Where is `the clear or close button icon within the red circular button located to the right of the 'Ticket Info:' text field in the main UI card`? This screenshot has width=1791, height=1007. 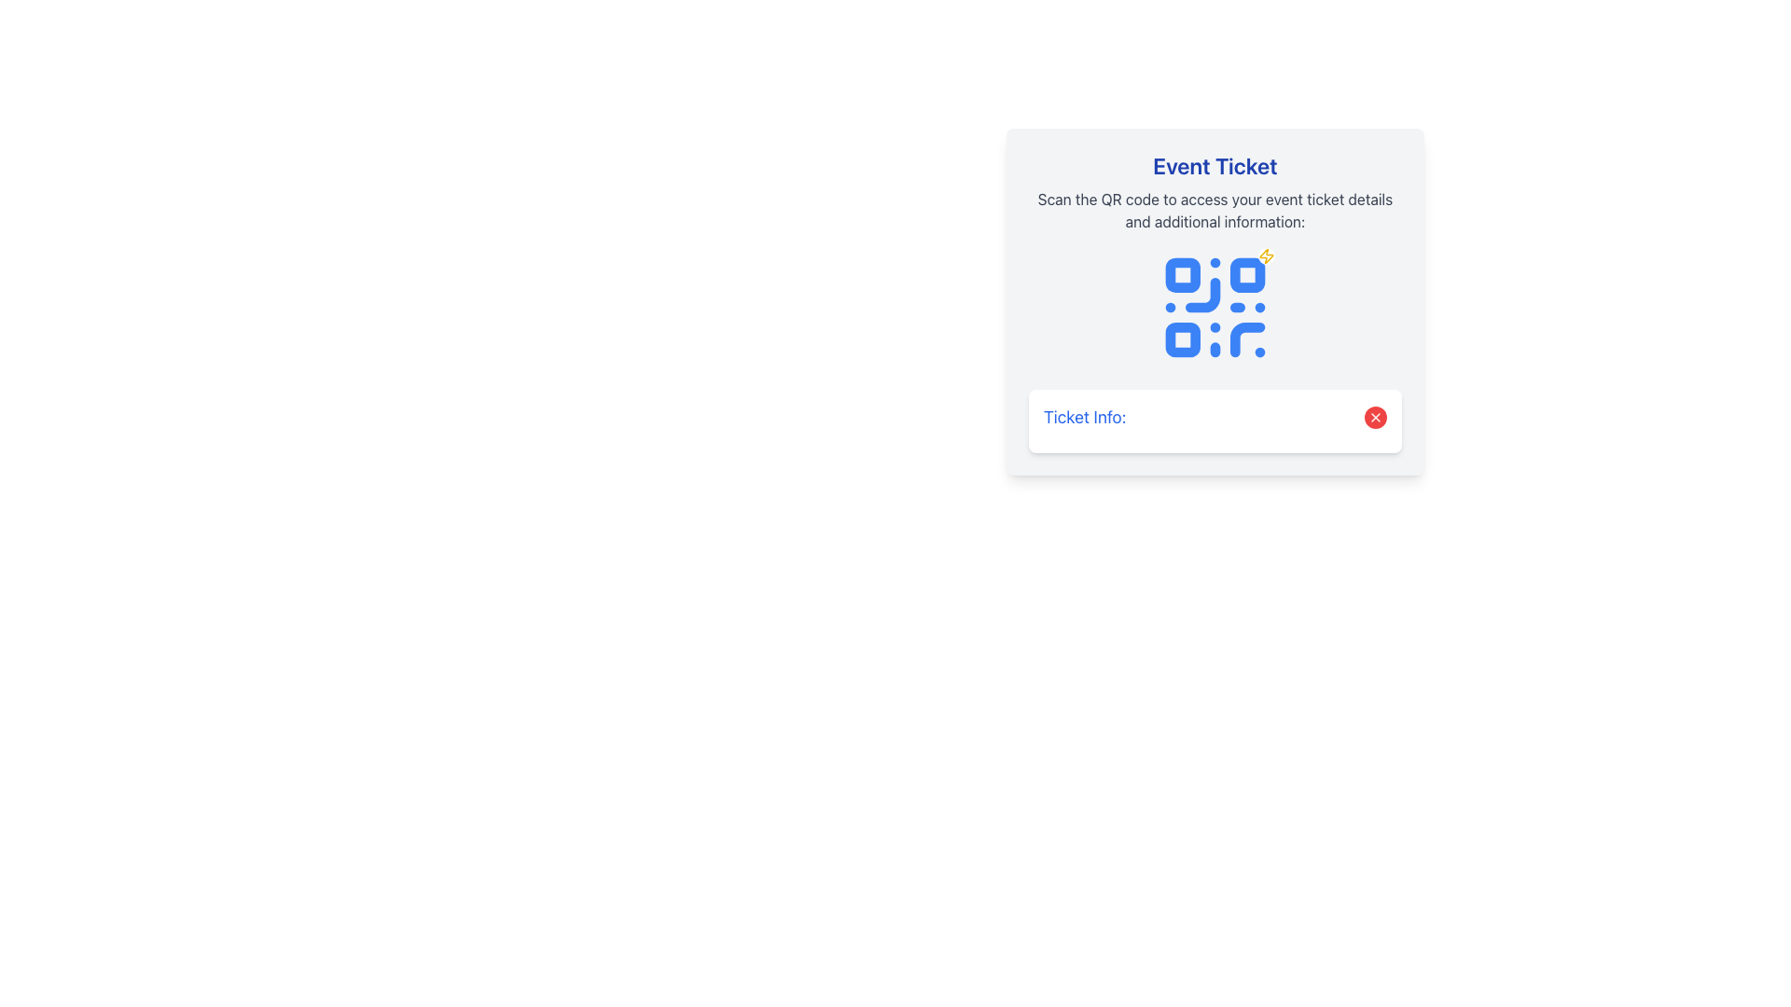 the clear or close button icon within the red circular button located to the right of the 'Ticket Info:' text field in the main UI card is located at coordinates (1375, 416).